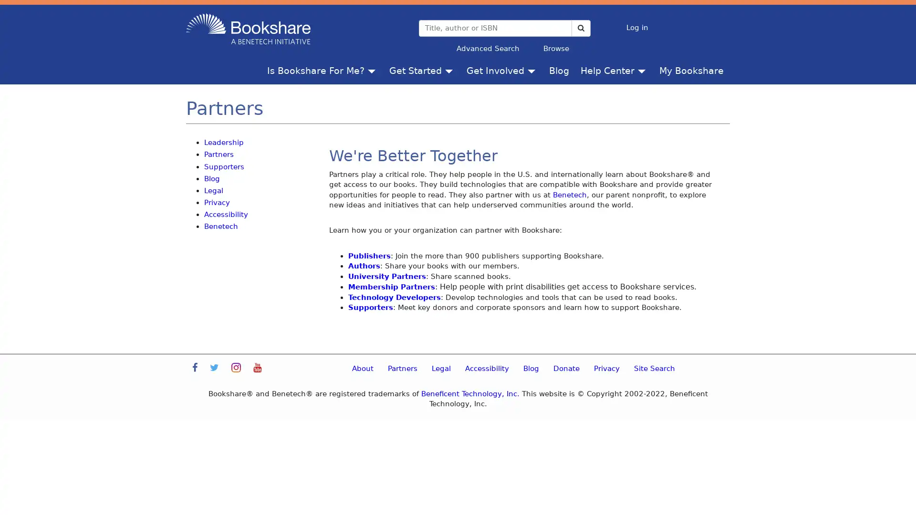  Describe the element at coordinates (580, 27) in the screenshot. I see `Search` at that location.